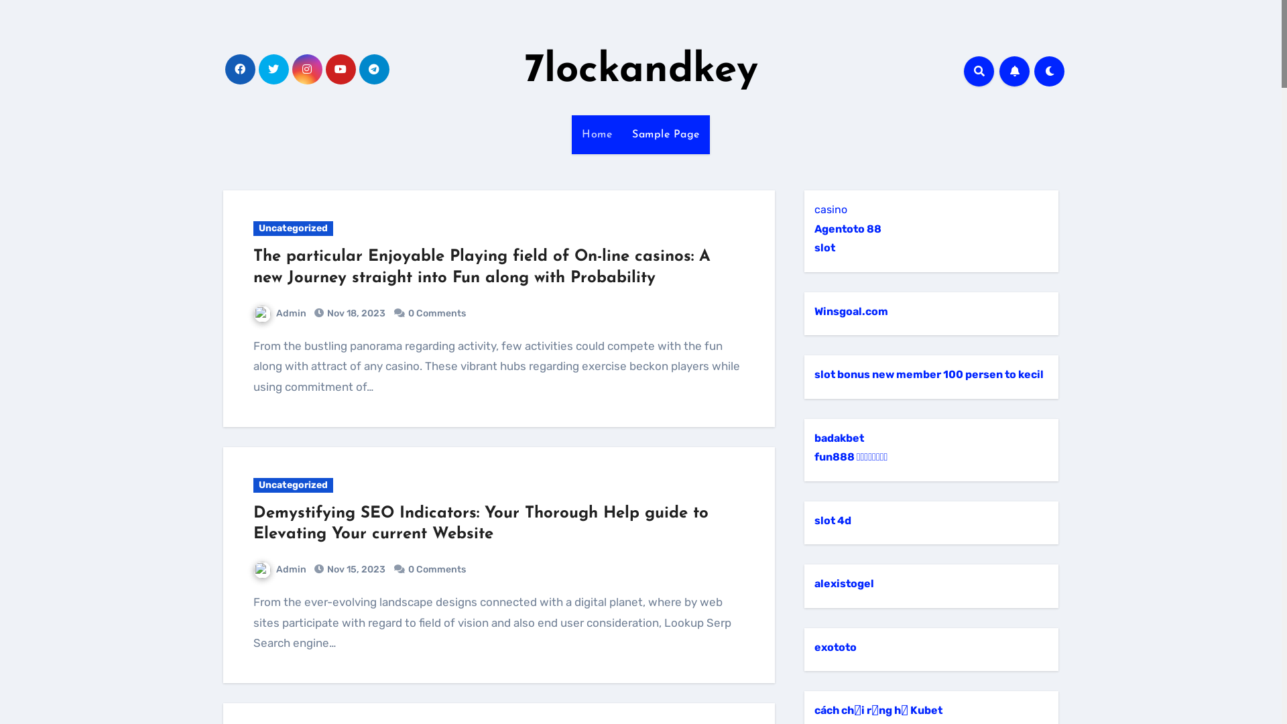 This screenshot has height=724, width=1287. What do you see at coordinates (355, 569) in the screenshot?
I see `'Nov 15, 2023'` at bounding box center [355, 569].